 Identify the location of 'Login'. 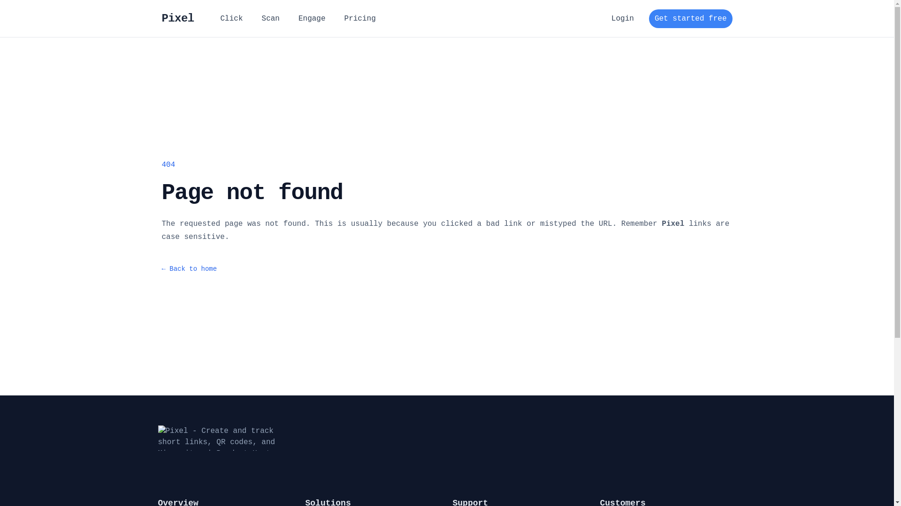
(622, 18).